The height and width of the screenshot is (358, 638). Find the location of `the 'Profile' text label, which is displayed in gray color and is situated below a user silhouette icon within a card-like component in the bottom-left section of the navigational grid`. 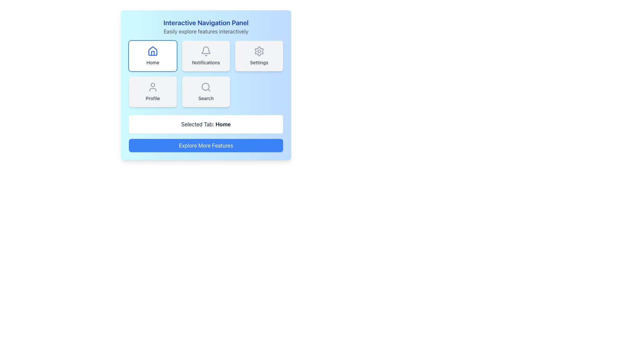

the 'Profile' text label, which is displayed in gray color and is situated below a user silhouette icon within a card-like component in the bottom-left section of the navigational grid is located at coordinates (153, 98).